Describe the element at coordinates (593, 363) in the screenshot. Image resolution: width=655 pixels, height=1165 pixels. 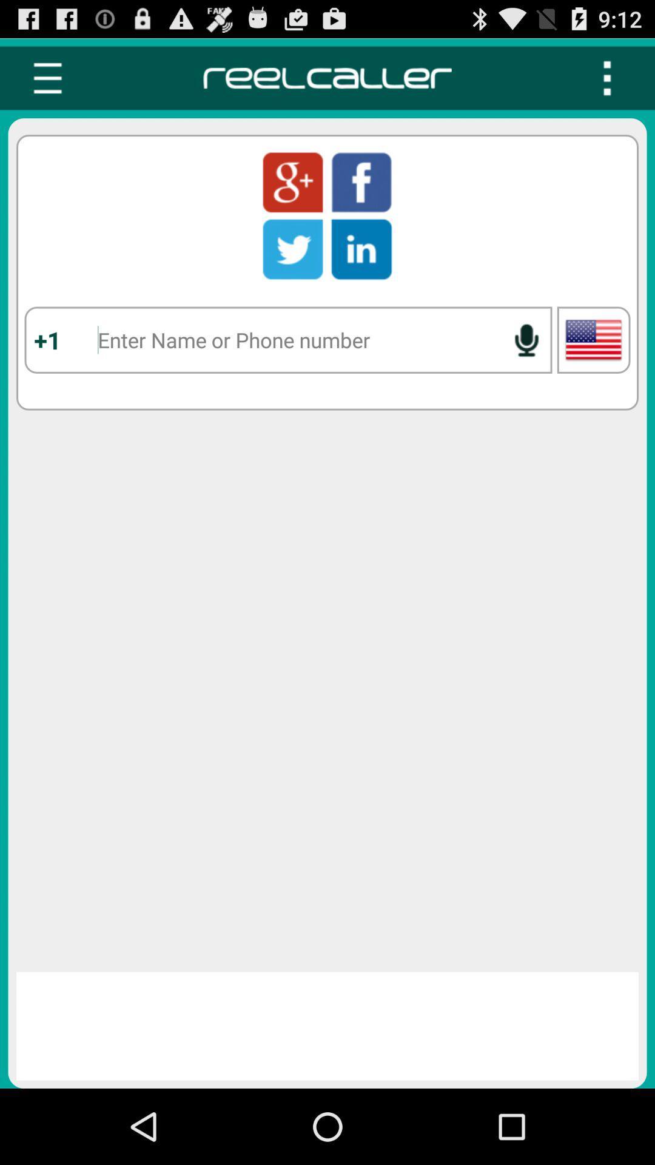
I see `the national_flag icon` at that location.